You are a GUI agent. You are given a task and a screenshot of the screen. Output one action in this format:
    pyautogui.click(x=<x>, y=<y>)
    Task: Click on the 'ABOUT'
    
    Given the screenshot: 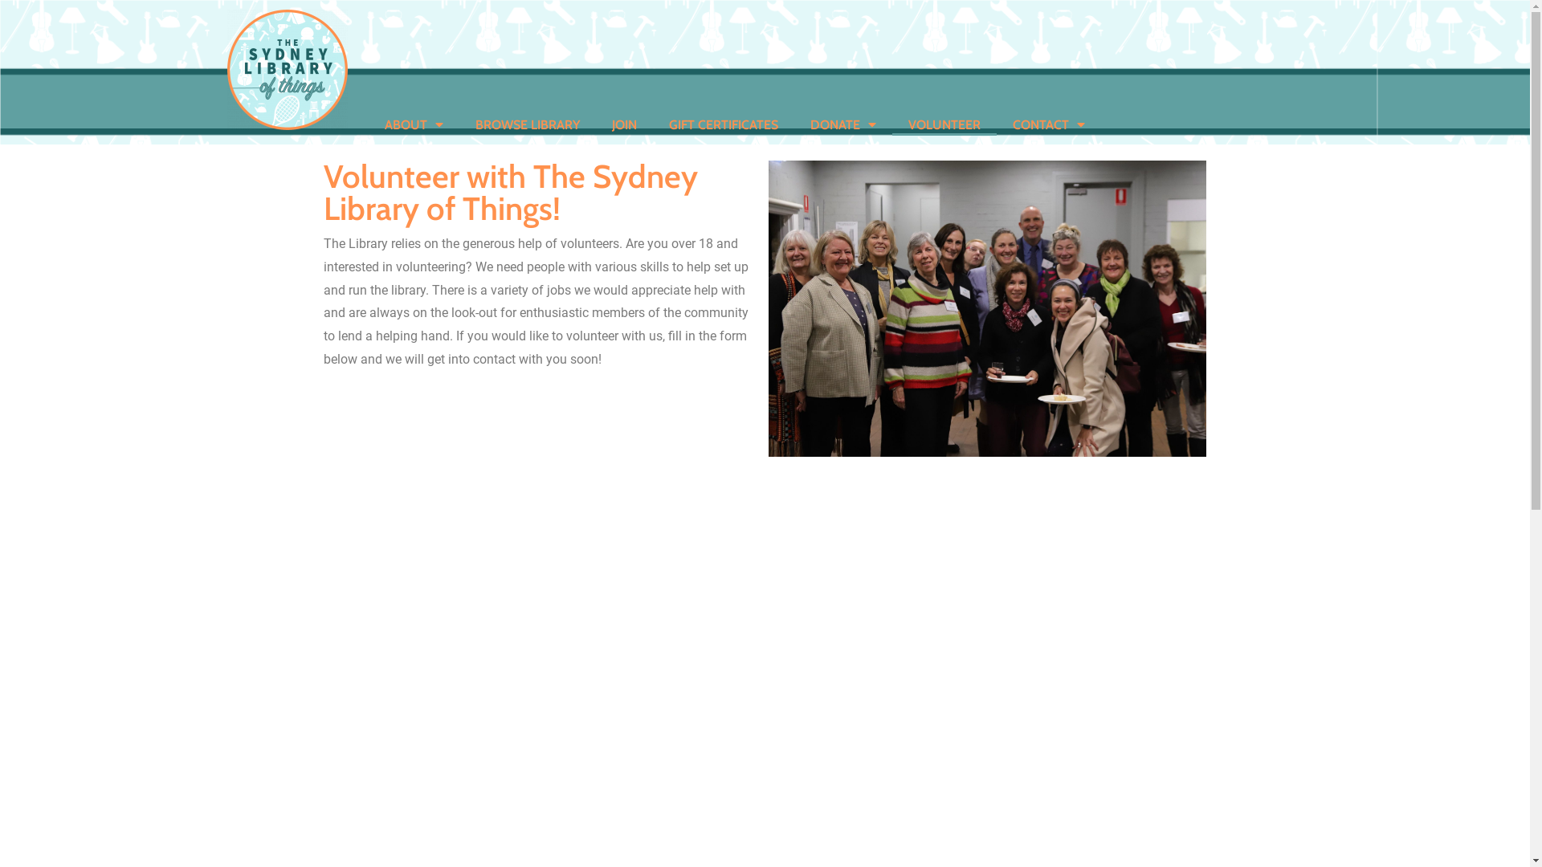 What is the action you would take?
    pyautogui.click(x=366, y=123)
    